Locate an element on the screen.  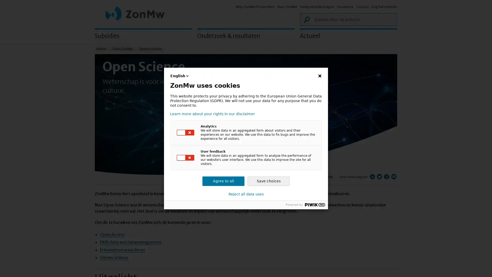
Zoek is located at coordinates (306, 19).